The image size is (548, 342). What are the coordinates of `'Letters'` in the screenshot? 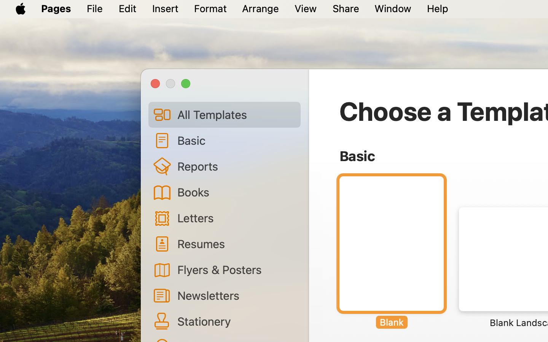 It's located at (236, 218).